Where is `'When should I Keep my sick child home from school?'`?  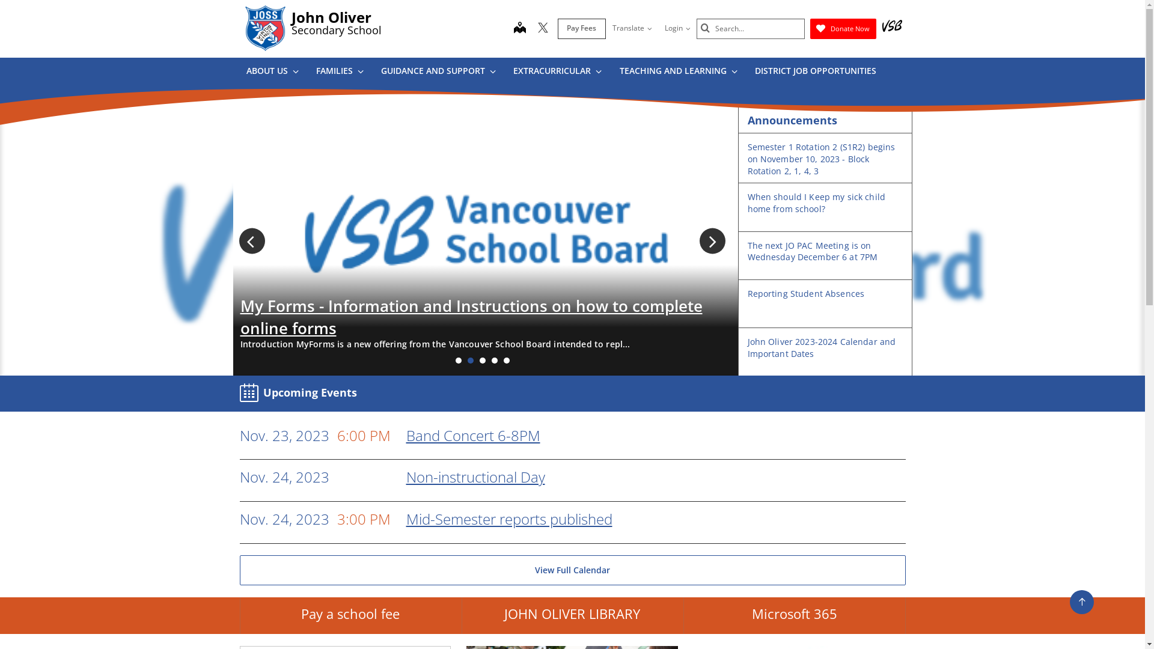 'When should I Keep my sick child home from school?' is located at coordinates (816, 202).